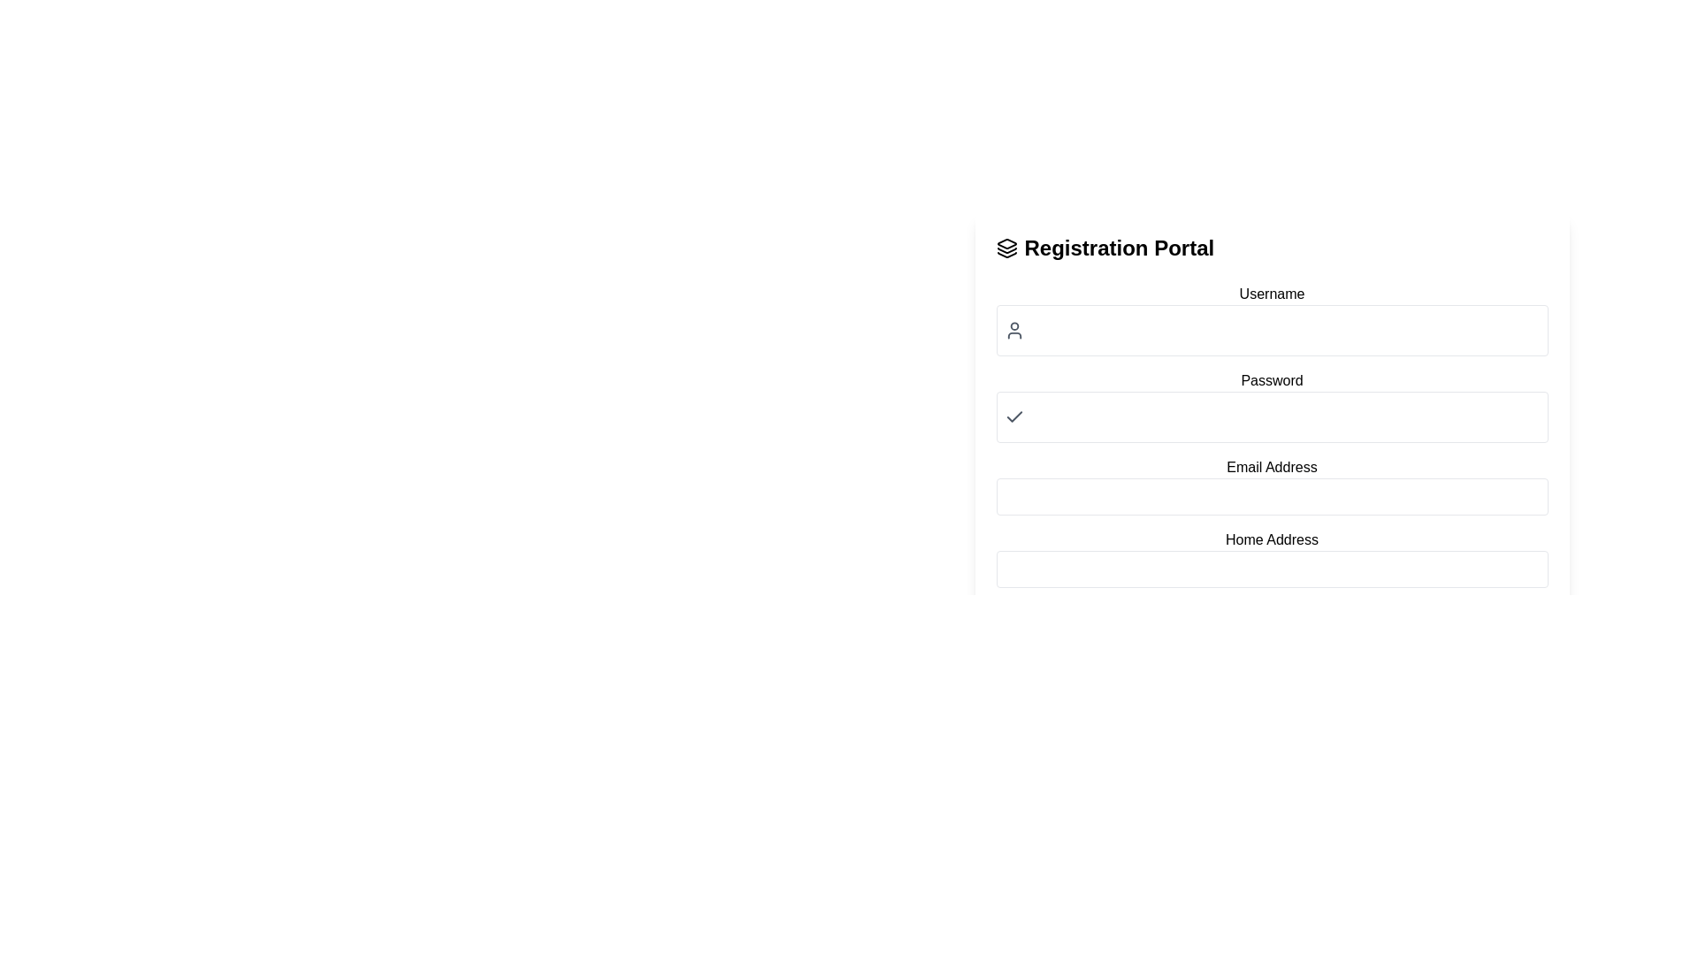  What do you see at coordinates (1006, 244) in the screenshot?
I see `the triangular black icon representing layers, located in the top-left corner of the Registration Portal section` at bounding box center [1006, 244].